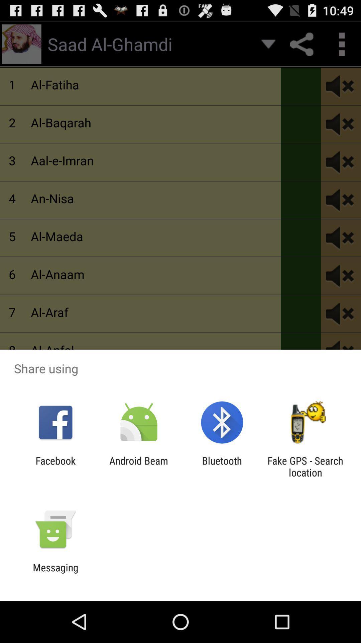 This screenshot has width=361, height=643. I want to click on the app to the right of the facebook, so click(138, 466).